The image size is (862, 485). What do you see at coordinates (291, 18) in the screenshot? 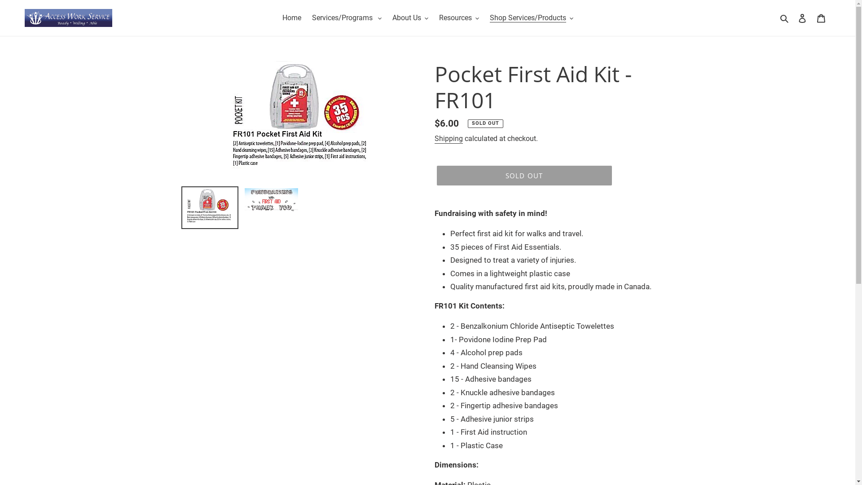
I see `'Home'` at bounding box center [291, 18].